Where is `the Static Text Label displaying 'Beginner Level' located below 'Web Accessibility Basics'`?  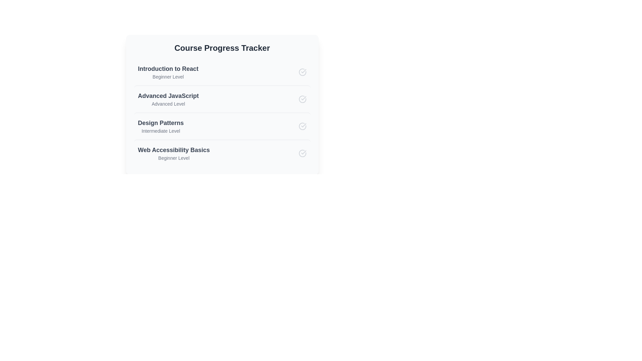
the Static Text Label displaying 'Beginner Level' located below 'Web Accessibility Basics' is located at coordinates (174, 158).